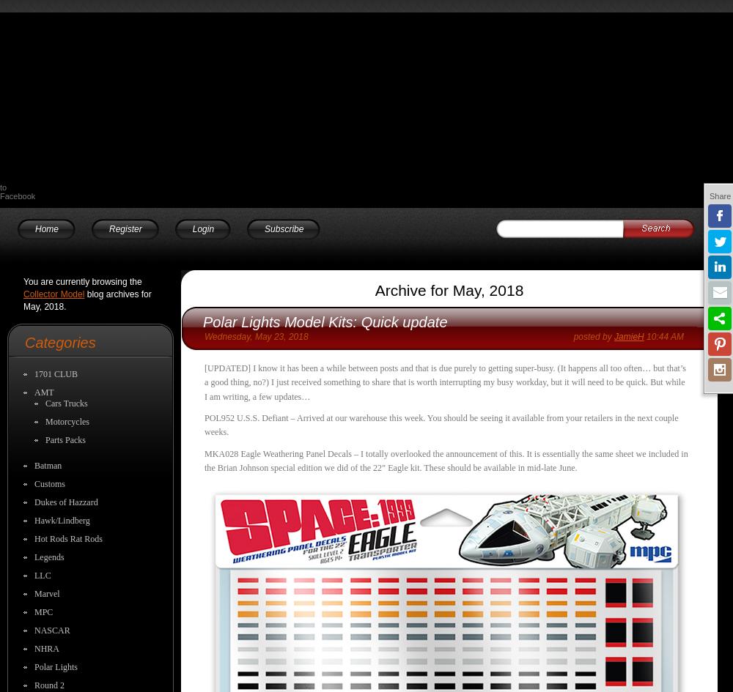 This screenshot has height=692, width=733. Describe the element at coordinates (34, 593) in the screenshot. I see `'Marvel'` at that location.